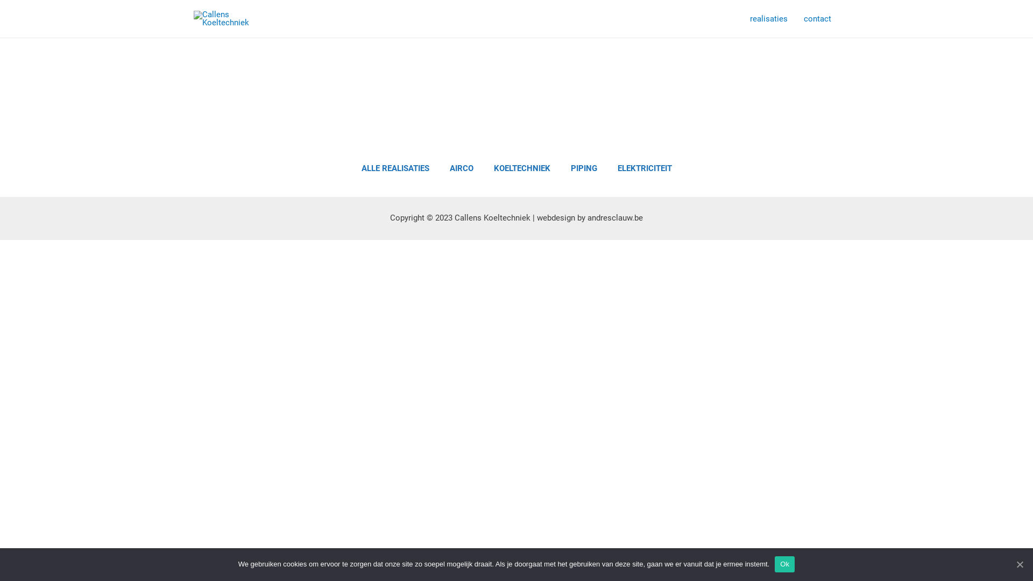 This screenshot has height=581, width=1033. Describe the element at coordinates (462, 168) in the screenshot. I see `'AIRCO'` at that location.